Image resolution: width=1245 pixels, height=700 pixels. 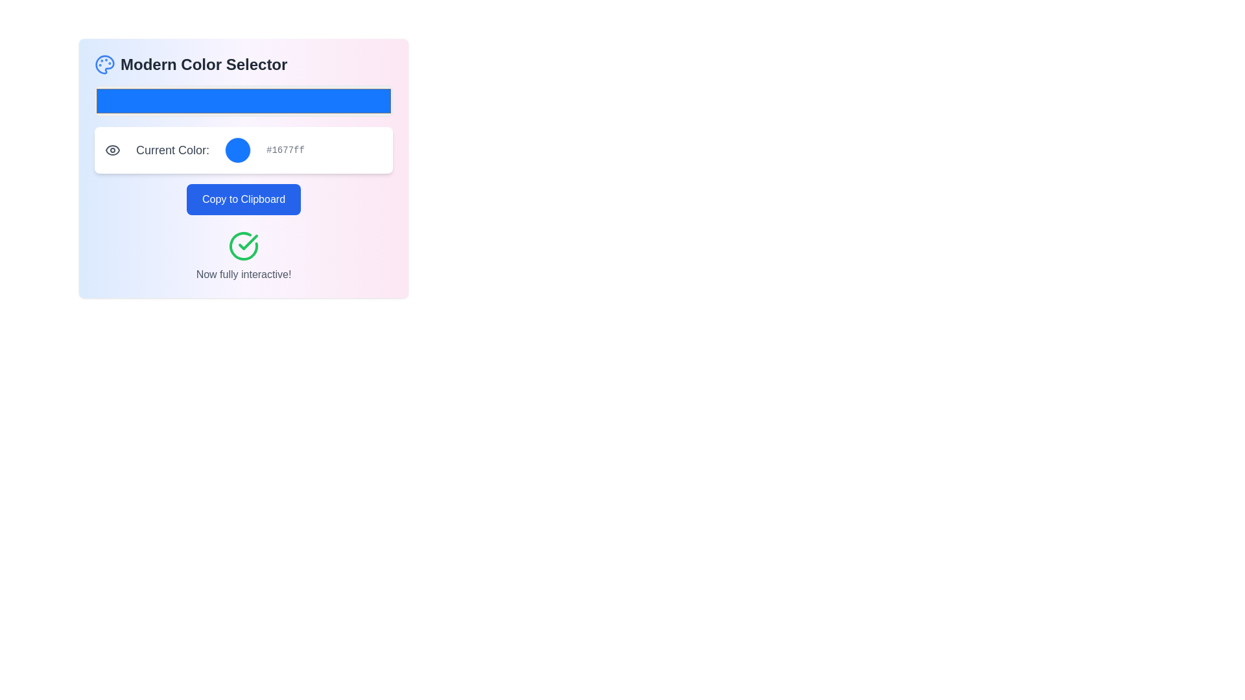 What do you see at coordinates (248, 242) in the screenshot?
I see `the success status icon located centrally in the lower portion of the interface, directly below the 'Copy to Clipboard' button and above the text 'Now fully interactive!'` at bounding box center [248, 242].